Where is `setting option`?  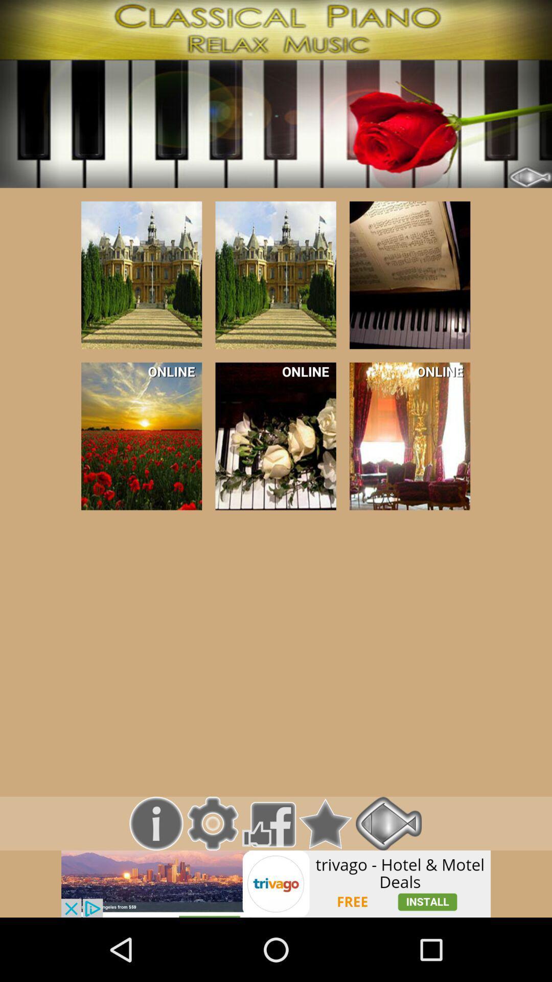 setting option is located at coordinates (212, 823).